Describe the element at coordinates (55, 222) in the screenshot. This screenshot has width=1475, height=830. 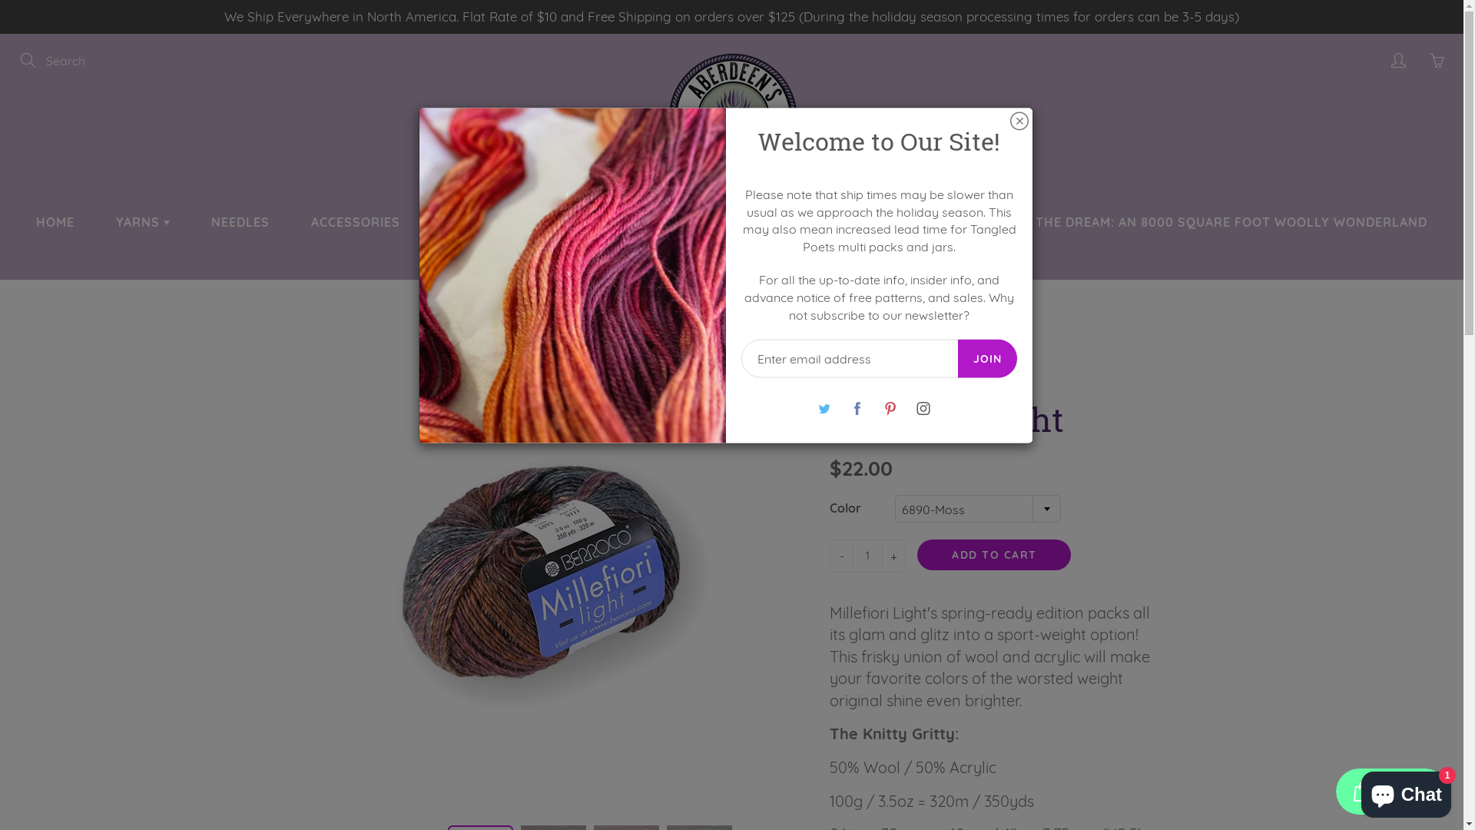
I see `'HOME'` at that location.